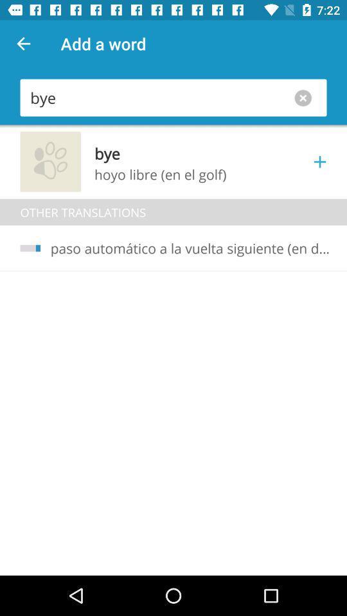 The width and height of the screenshot is (347, 616). Describe the element at coordinates (305, 97) in the screenshot. I see `close` at that location.